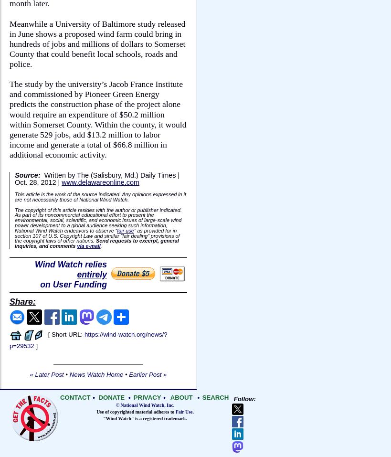 The image size is (391, 457). I want to click on 'Use of copyrighted material adheres to', so click(135, 412).